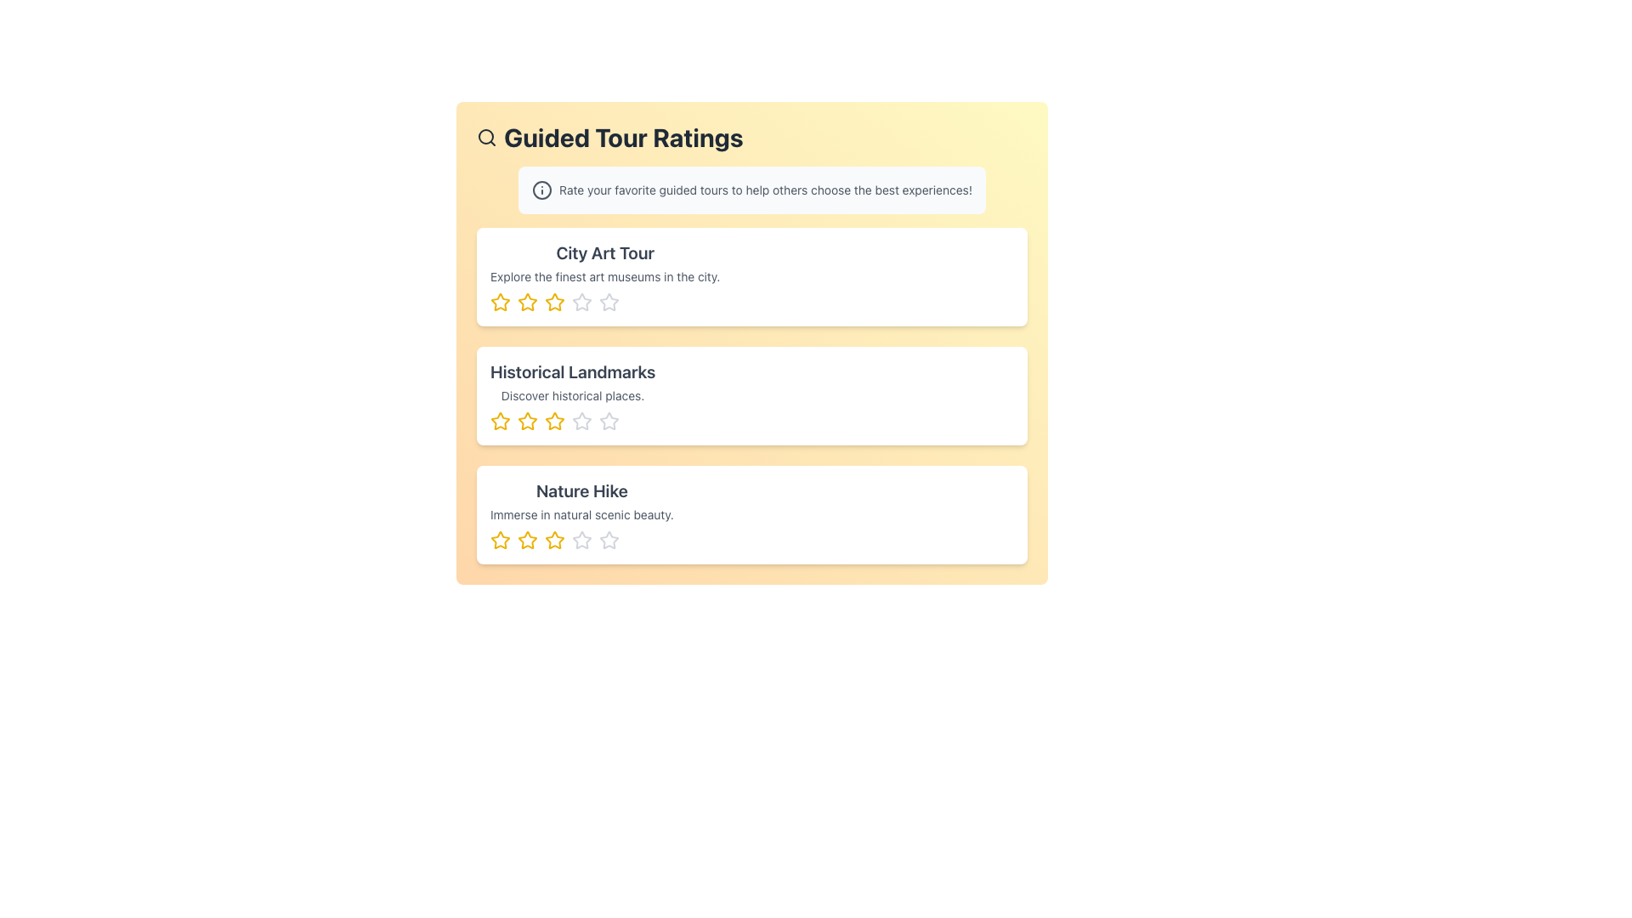  I want to click on the fourth star icon from the left, so click(554, 540).